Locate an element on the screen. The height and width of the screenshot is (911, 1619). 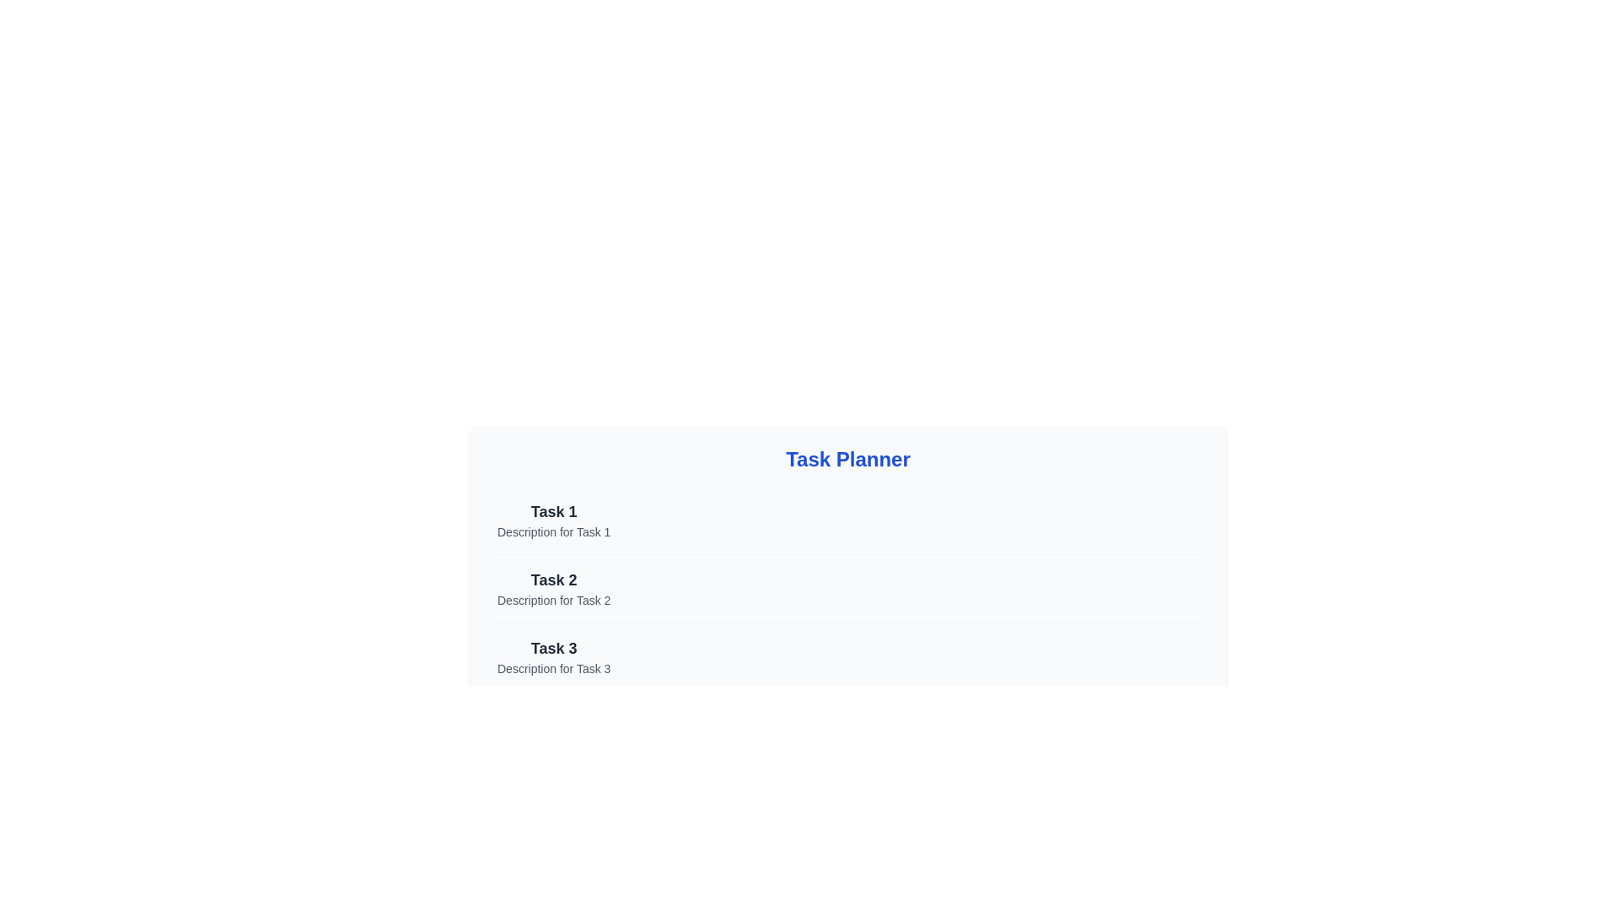
text content of the heading located at the top of the content panel, centered horizontally above the list of tasks is located at coordinates (848, 459).